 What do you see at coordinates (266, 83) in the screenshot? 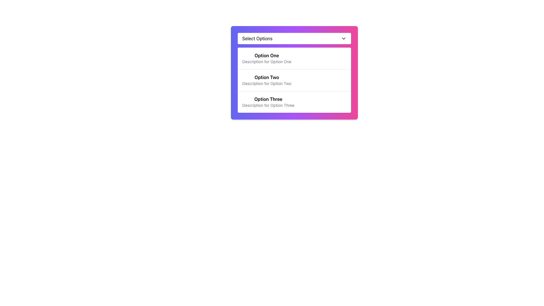
I see `text label that displays 'Description for Option Two' located under the 'Option Two' dropdown menu` at bounding box center [266, 83].